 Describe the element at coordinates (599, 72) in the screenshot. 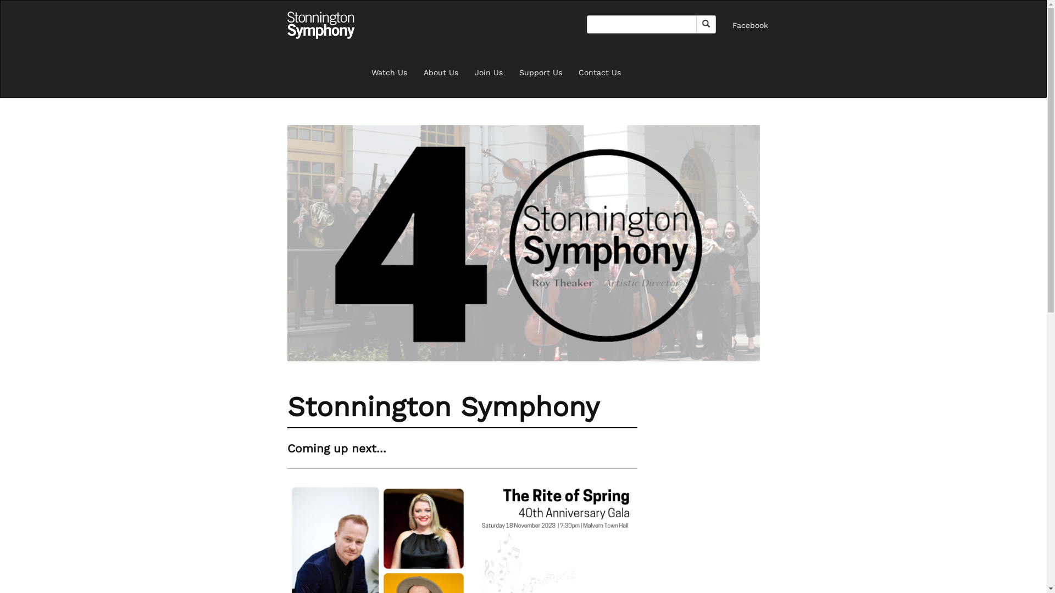

I see `'Contact Us'` at that location.